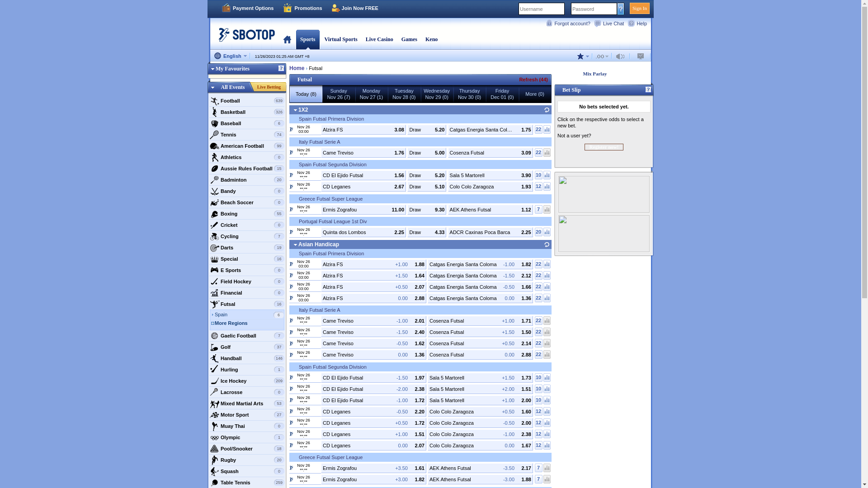 Image resolution: width=868 pixels, height=488 pixels. I want to click on '4.33, so click(426, 231).